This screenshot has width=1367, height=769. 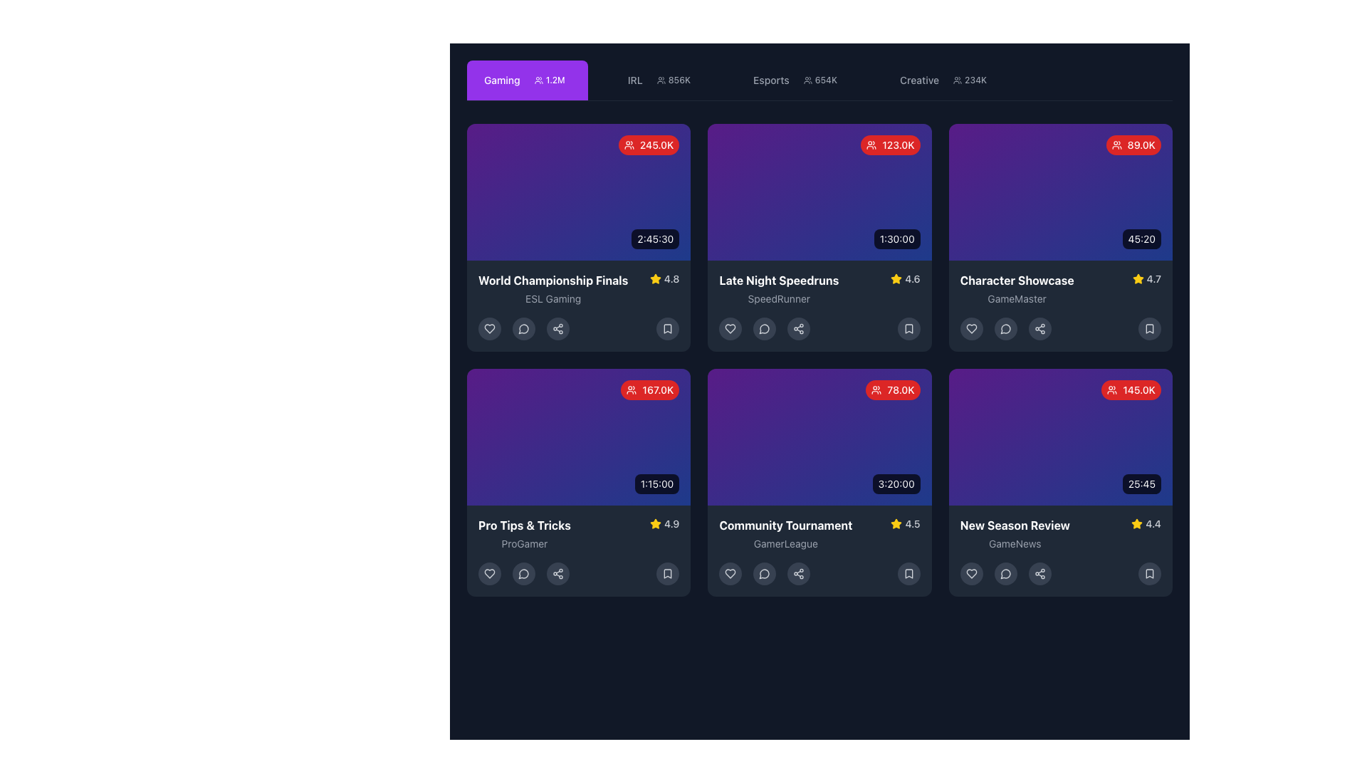 What do you see at coordinates (667, 573) in the screenshot?
I see `the circular button with a dark gray background and a gray bookmark icon at its center, located at the bottom of the 'Pro Tips & Tricks' card to bookmark content` at bounding box center [667, 573].